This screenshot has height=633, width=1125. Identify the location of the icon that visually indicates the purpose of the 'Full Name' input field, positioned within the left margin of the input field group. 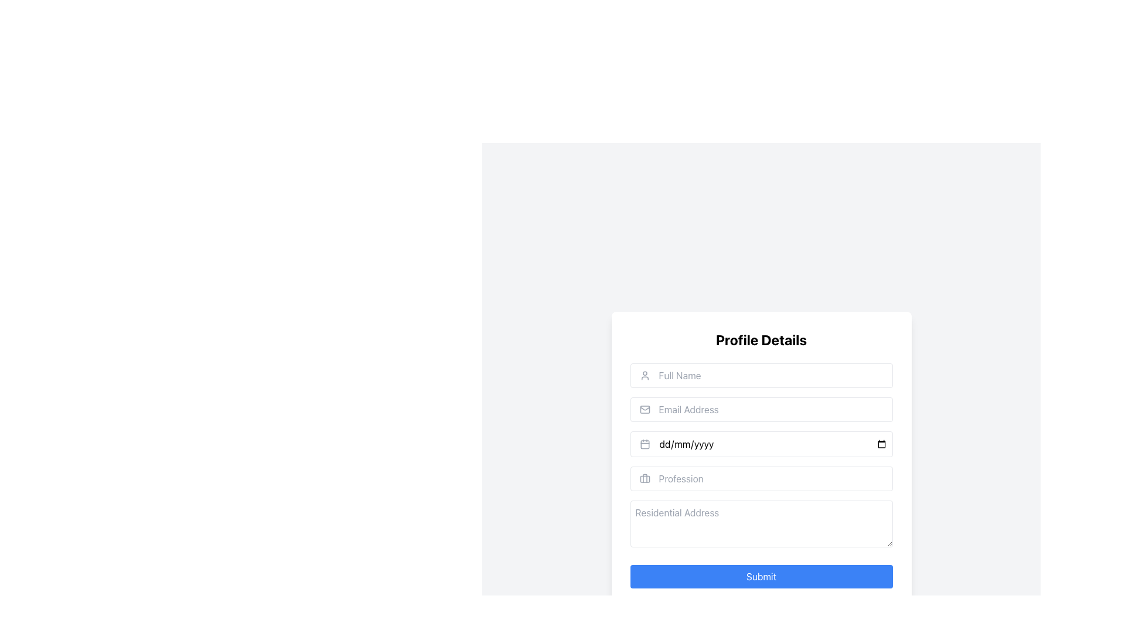
(644, 375).